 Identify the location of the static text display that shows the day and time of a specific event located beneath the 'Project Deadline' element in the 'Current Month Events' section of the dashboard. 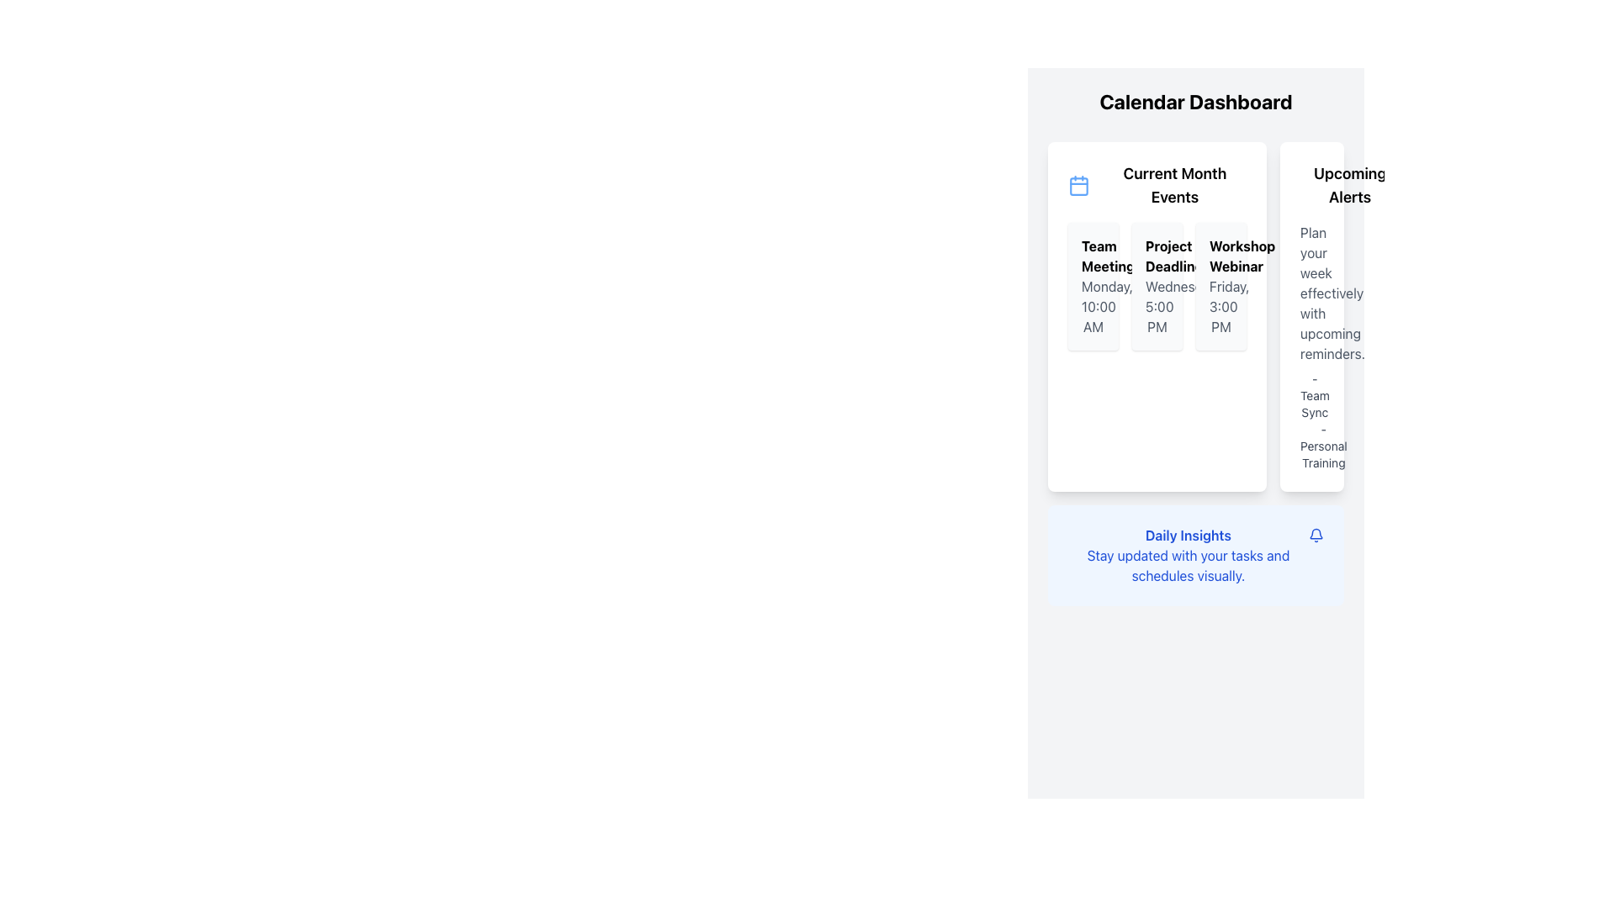
(1157, 307).